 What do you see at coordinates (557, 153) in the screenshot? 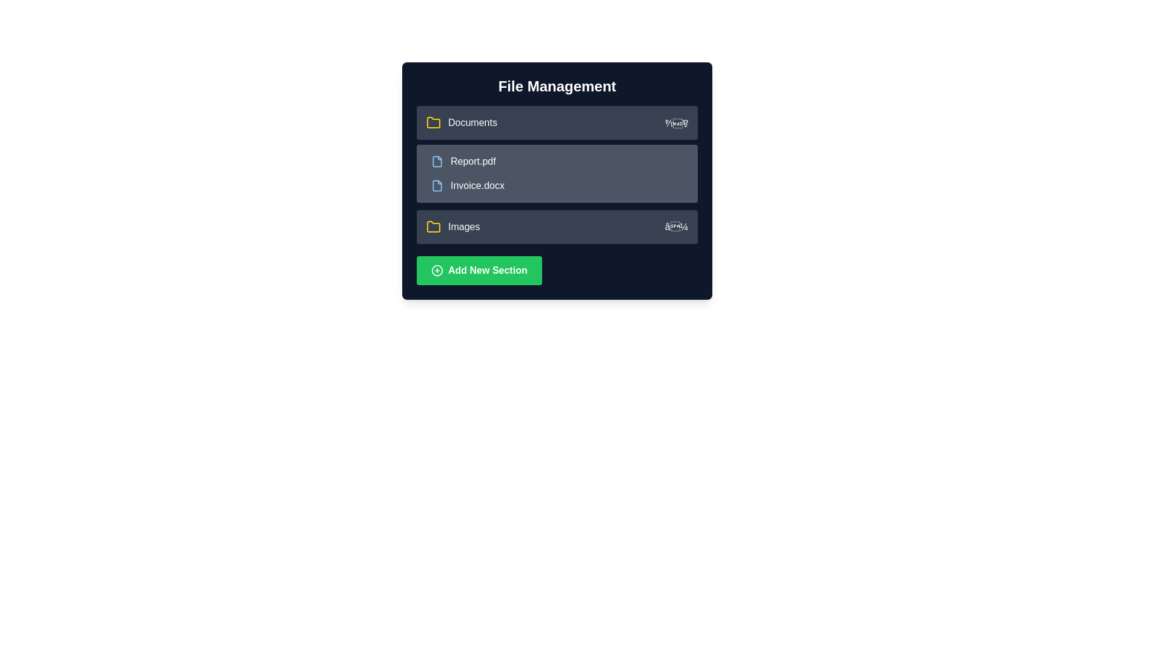
I see `the 'Report.pdf' link` at bounding box center [557, 153].